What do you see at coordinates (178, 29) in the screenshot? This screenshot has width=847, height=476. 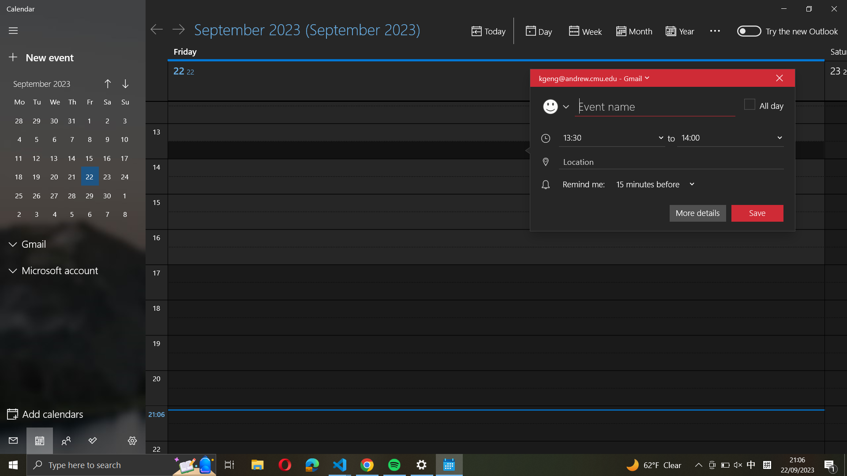 I see `Transition to the following day on the calendar` at bounding box center [178, 29].